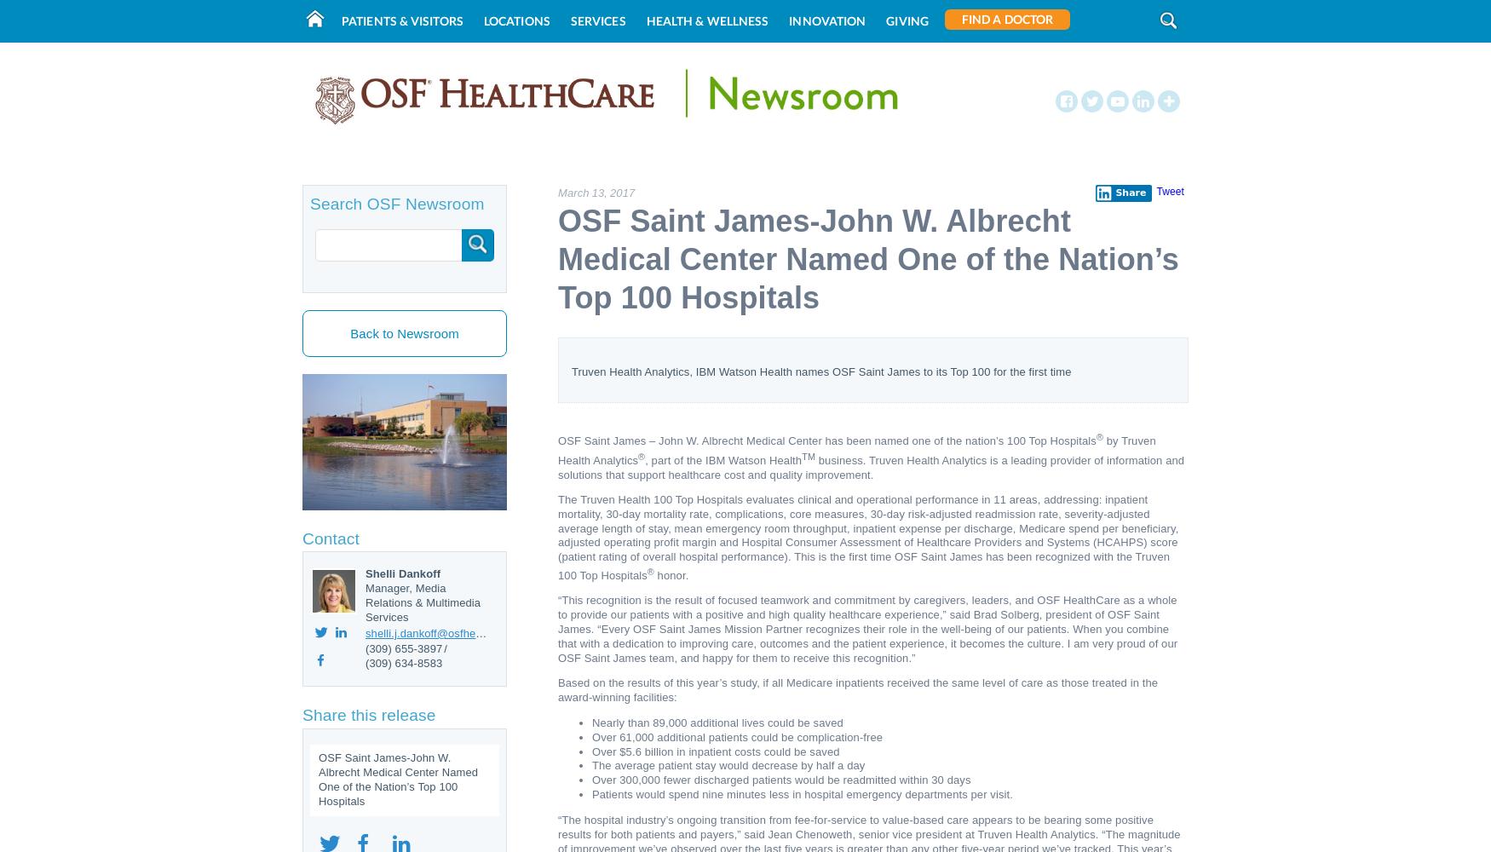 The image size is (1491, 852). Describe the element at coordinates (780, 780) in the screenshot. I see `'Over 300,000 fewer discharged patients would be readmitted within 30 days'` at that location.